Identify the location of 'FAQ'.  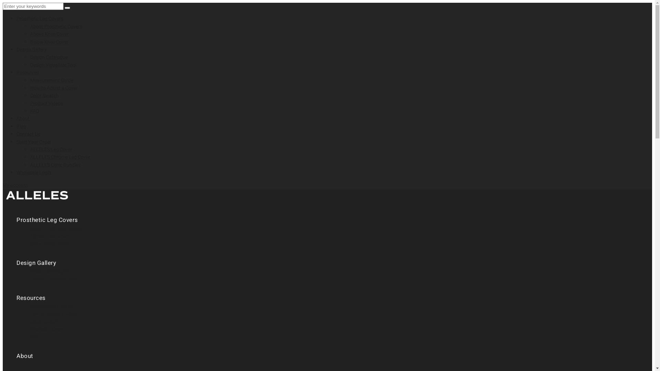
(34, 111).